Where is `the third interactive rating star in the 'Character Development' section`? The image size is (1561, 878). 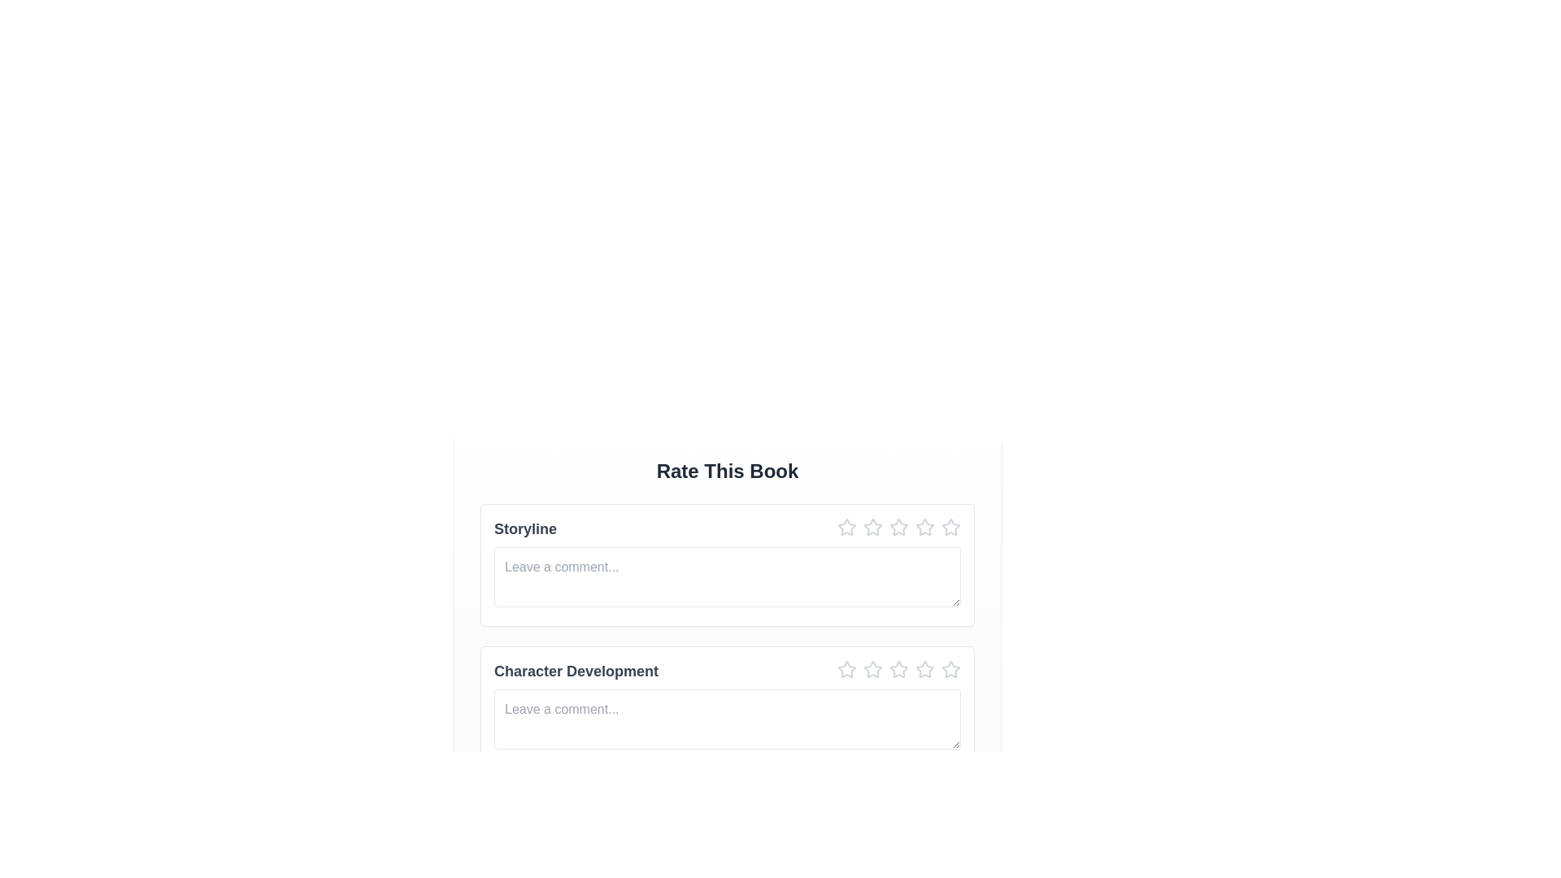 the third interactive rating star in the 'Character Development' section is located at coordinates (872, 670).